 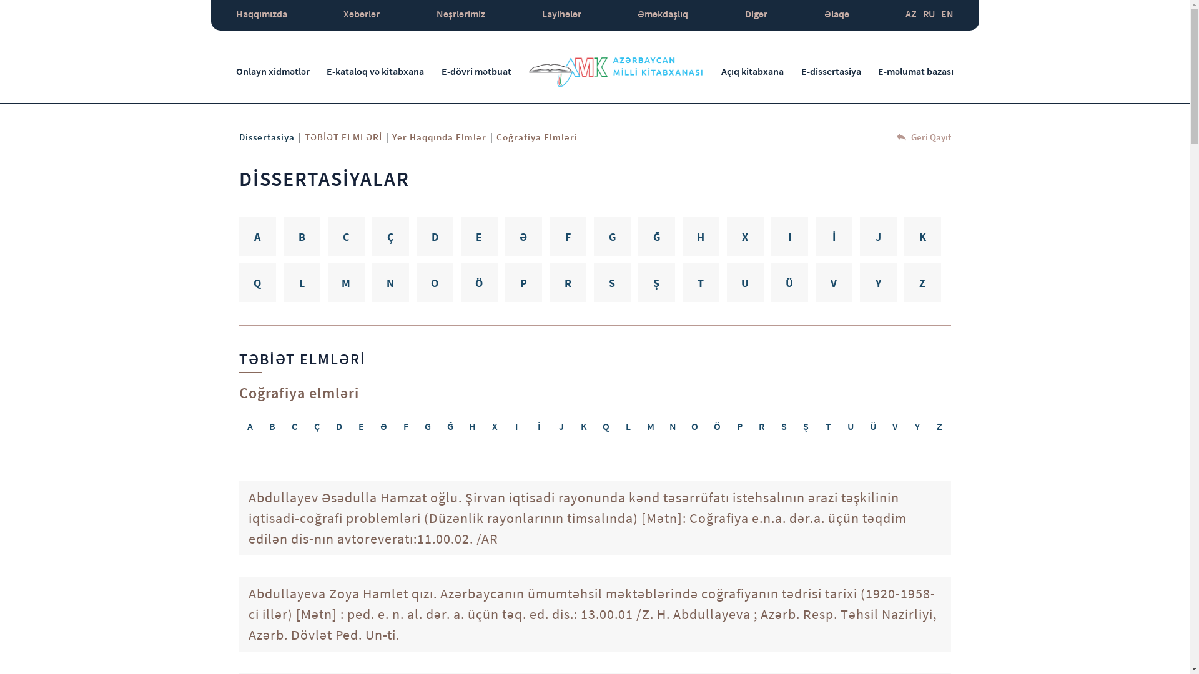 What do you see at coordinates (917, 425) in the screenshot?
I see `'Y'` at bounding box center [917, 425].